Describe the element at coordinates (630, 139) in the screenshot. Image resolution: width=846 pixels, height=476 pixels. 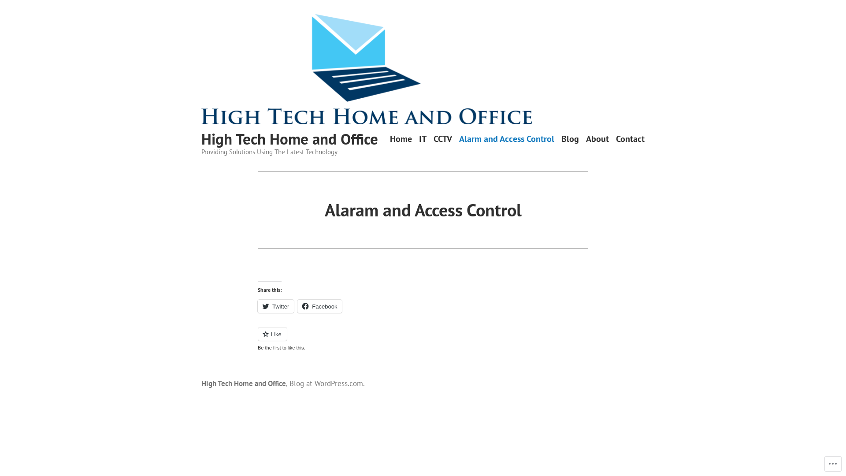
I see `'Contact'` at that location.